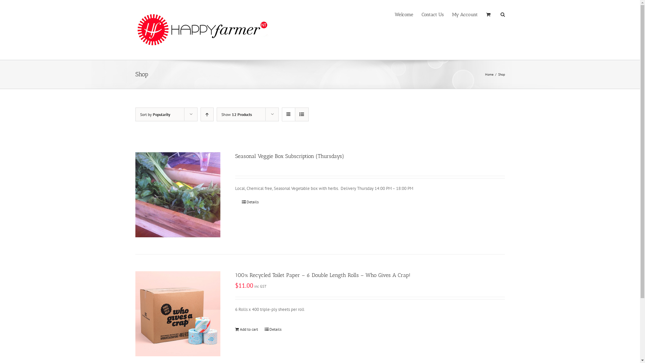 The width and height of the screenshot is (645, 363). What do you see at coordinates (432, 14) in the screenshot?
I see `'Contact Us'` at bounding box center [432, 14].